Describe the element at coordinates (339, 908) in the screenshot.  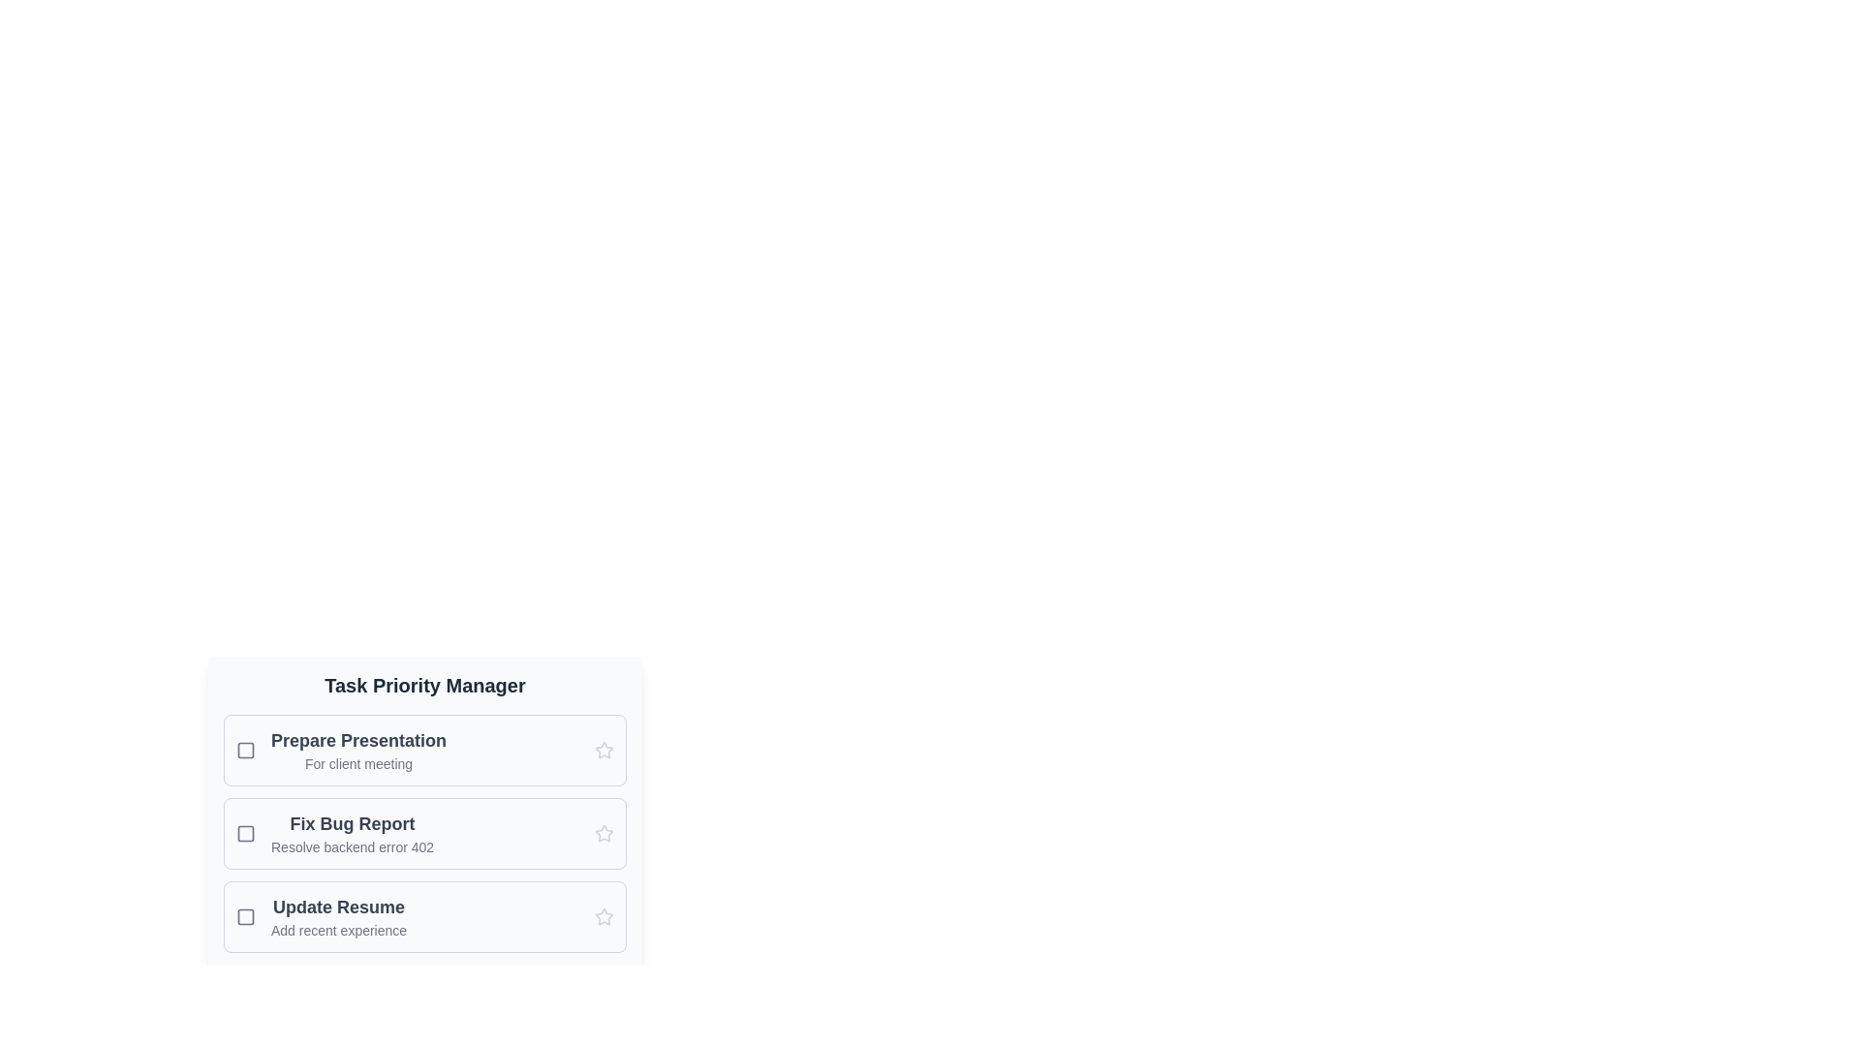
I see `the 'Update Resume' text label, which is prominently displayed in bold gray font within the 'Task Priority Manager' section` at that location.